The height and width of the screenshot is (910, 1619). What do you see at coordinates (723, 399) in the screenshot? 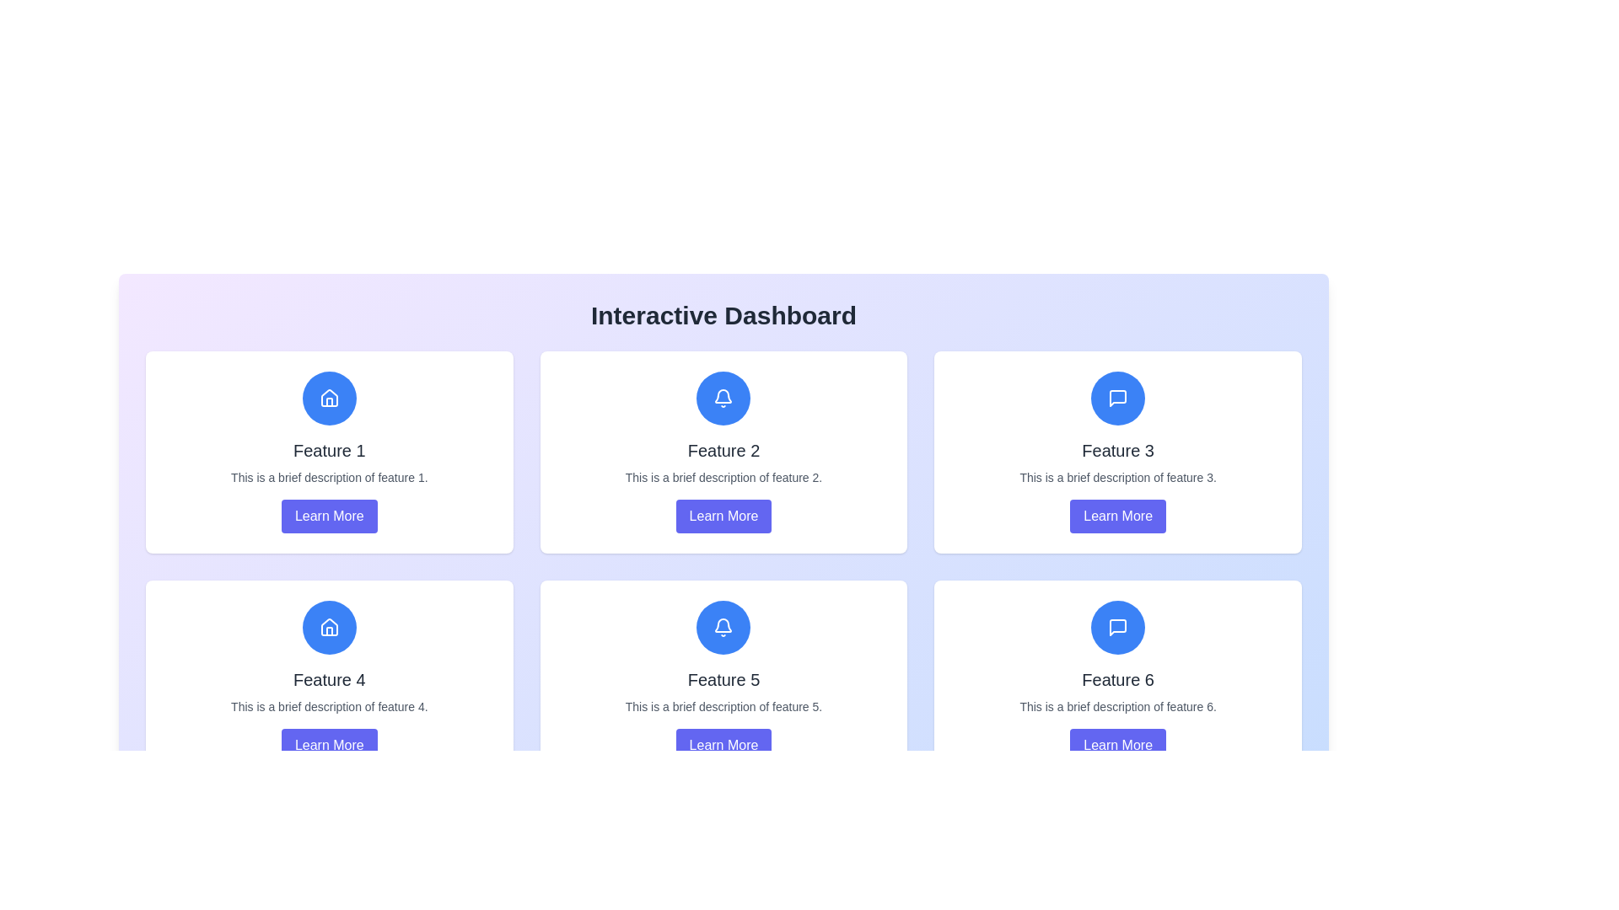
I see `the circular blue icon button with a white bell icon at its center, located in the upper center of the 'Feature 2' card` at bounding box center [723, 399].